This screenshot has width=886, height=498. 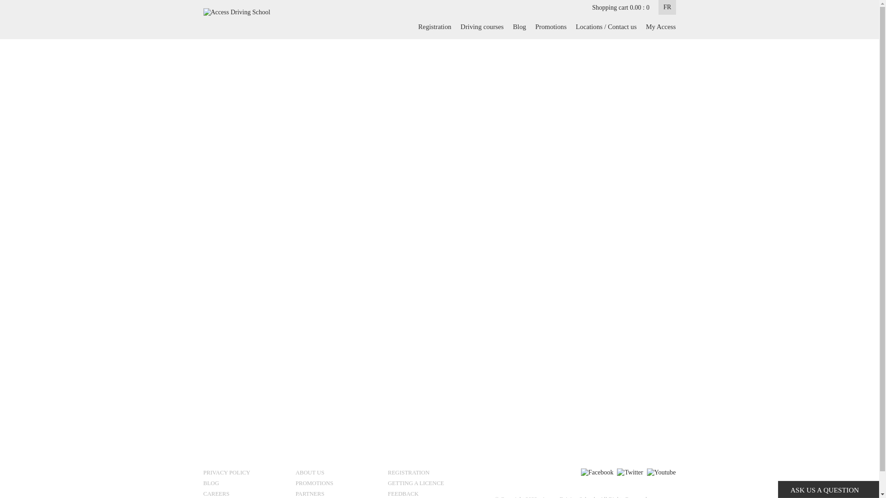 What do you see at coordinates (337, 474) in the screenshot?
I see `'ABOUT US'` at bounding box center [337, 474].